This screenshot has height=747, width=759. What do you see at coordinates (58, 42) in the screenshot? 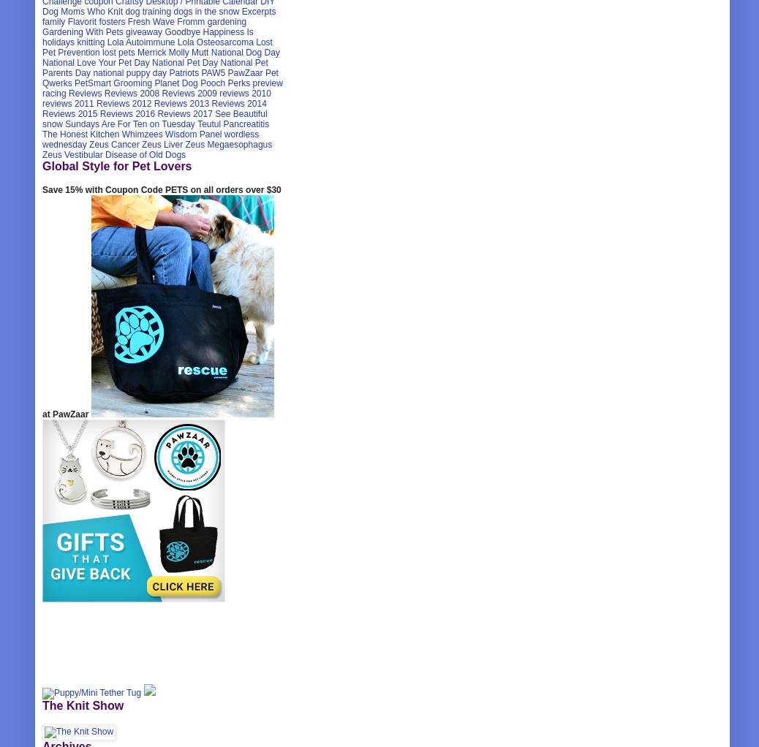
I see `'holidays'` at bounding box center [58, 42].